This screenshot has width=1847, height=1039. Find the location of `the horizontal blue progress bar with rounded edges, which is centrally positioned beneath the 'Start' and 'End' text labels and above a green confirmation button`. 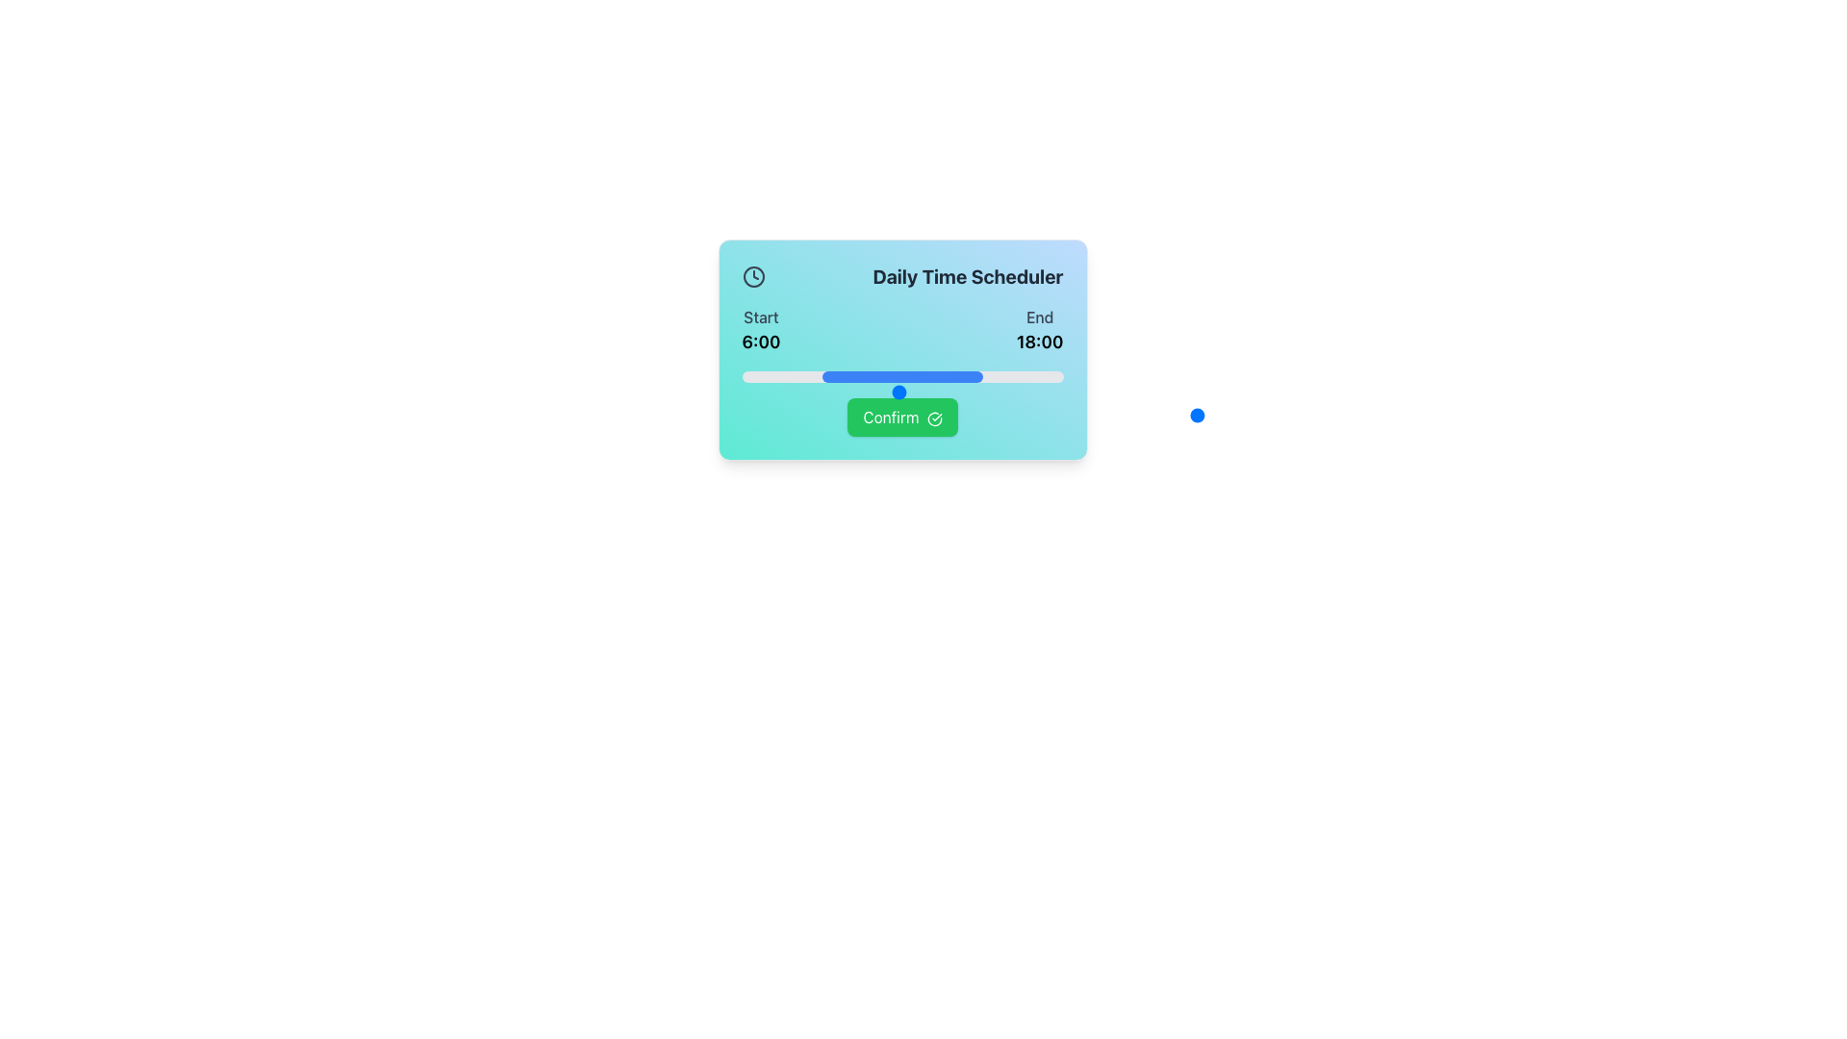

the horizontal blue progress bar with rounded edges, which is centrally positioned beneath the 'Start' and 'End' text labels and above a green confirmation button is located at coordinates (901, 377).